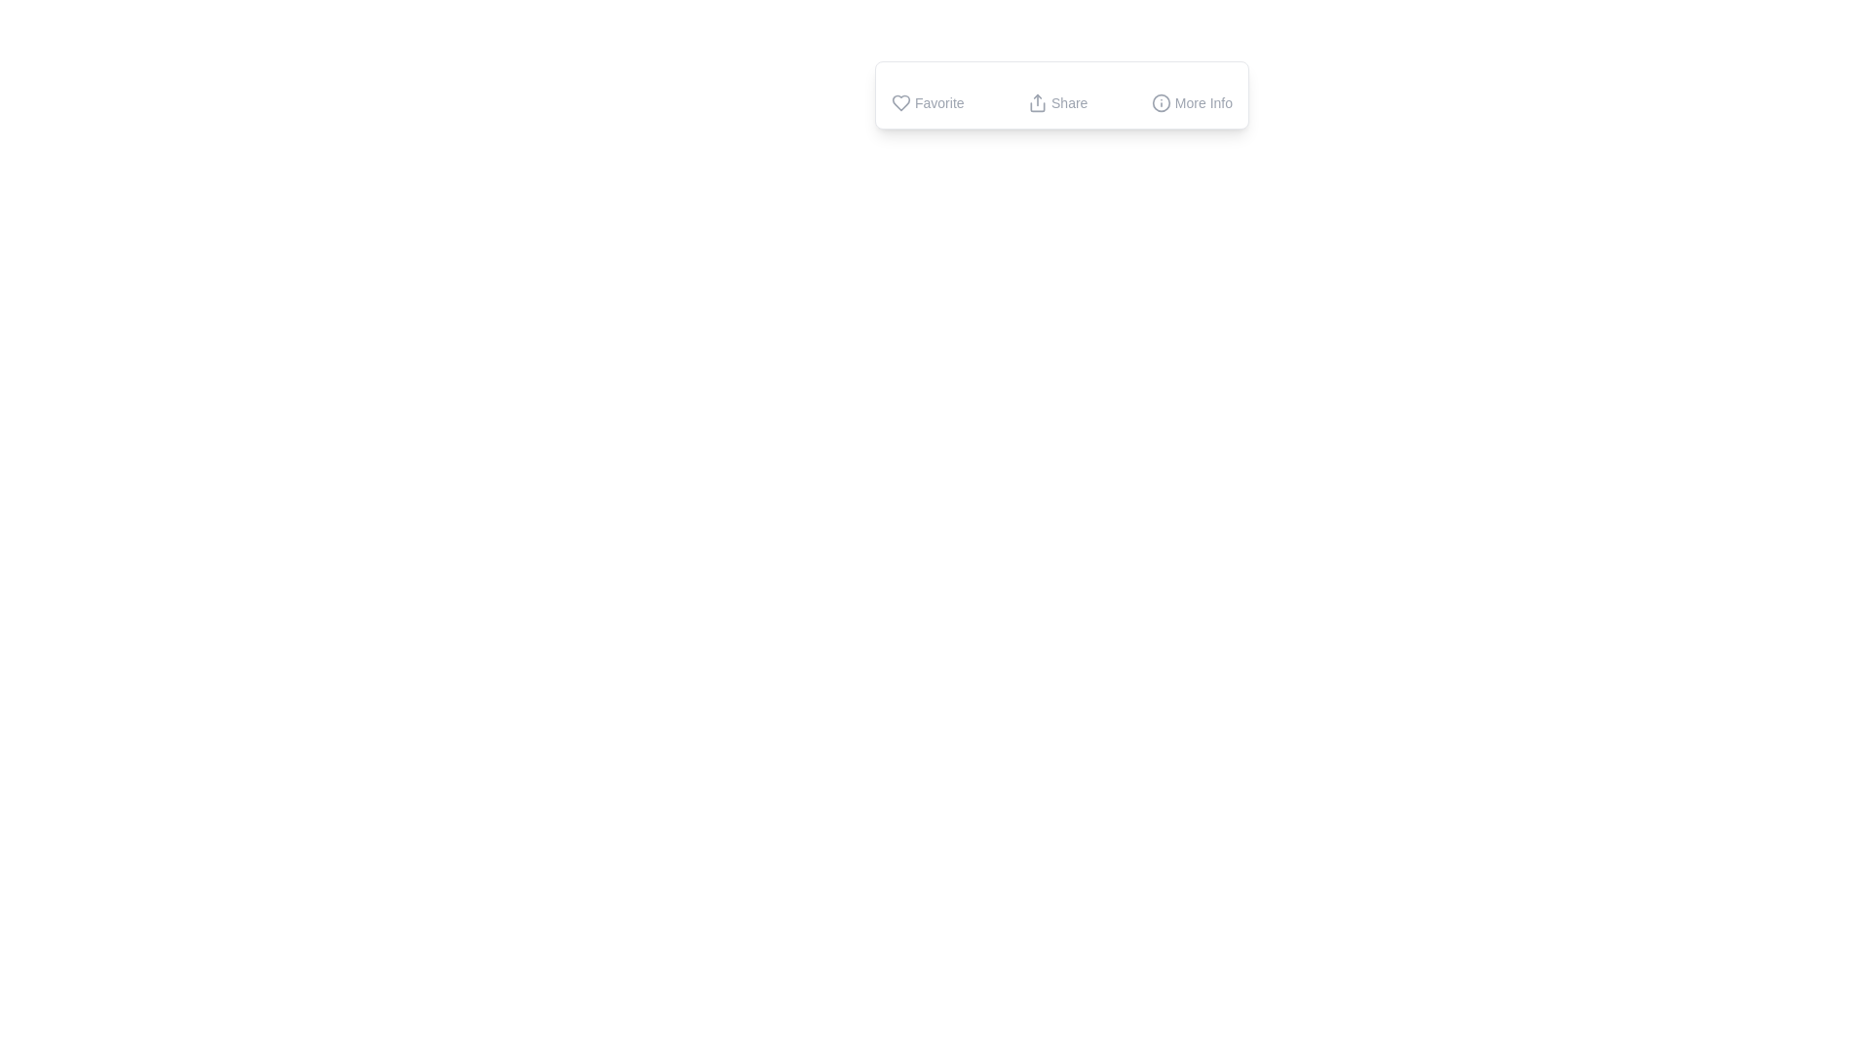  Describe the element at coordinates (927, 102) in the screenshot. I see `the 'Favorite' button, which features a heart-shaped icon and light gray text that changes to red on hover, positioned at the left end of a horizontal set of buttons` at that location.